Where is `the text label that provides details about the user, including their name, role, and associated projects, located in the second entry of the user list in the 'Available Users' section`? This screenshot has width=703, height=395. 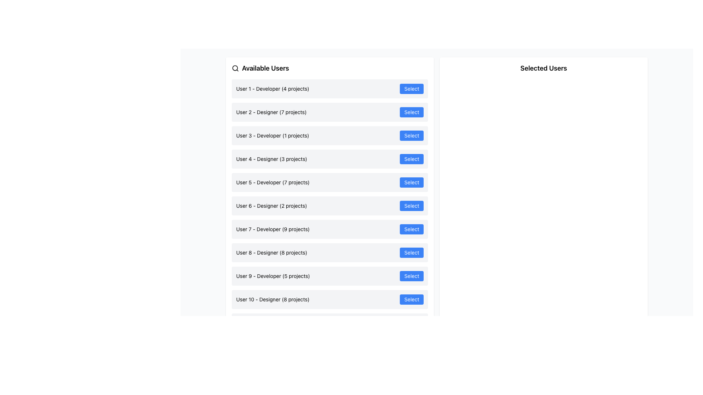 the text label that provides details about the user, including their name, role, and associated projects, located in the second entry of the user list in the 'Available Users' section is located at coordinates (271, 112).